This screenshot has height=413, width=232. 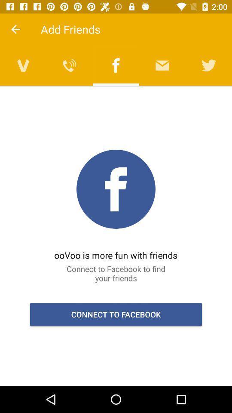 I want to click on the email icon, so click(x=162, y=65).